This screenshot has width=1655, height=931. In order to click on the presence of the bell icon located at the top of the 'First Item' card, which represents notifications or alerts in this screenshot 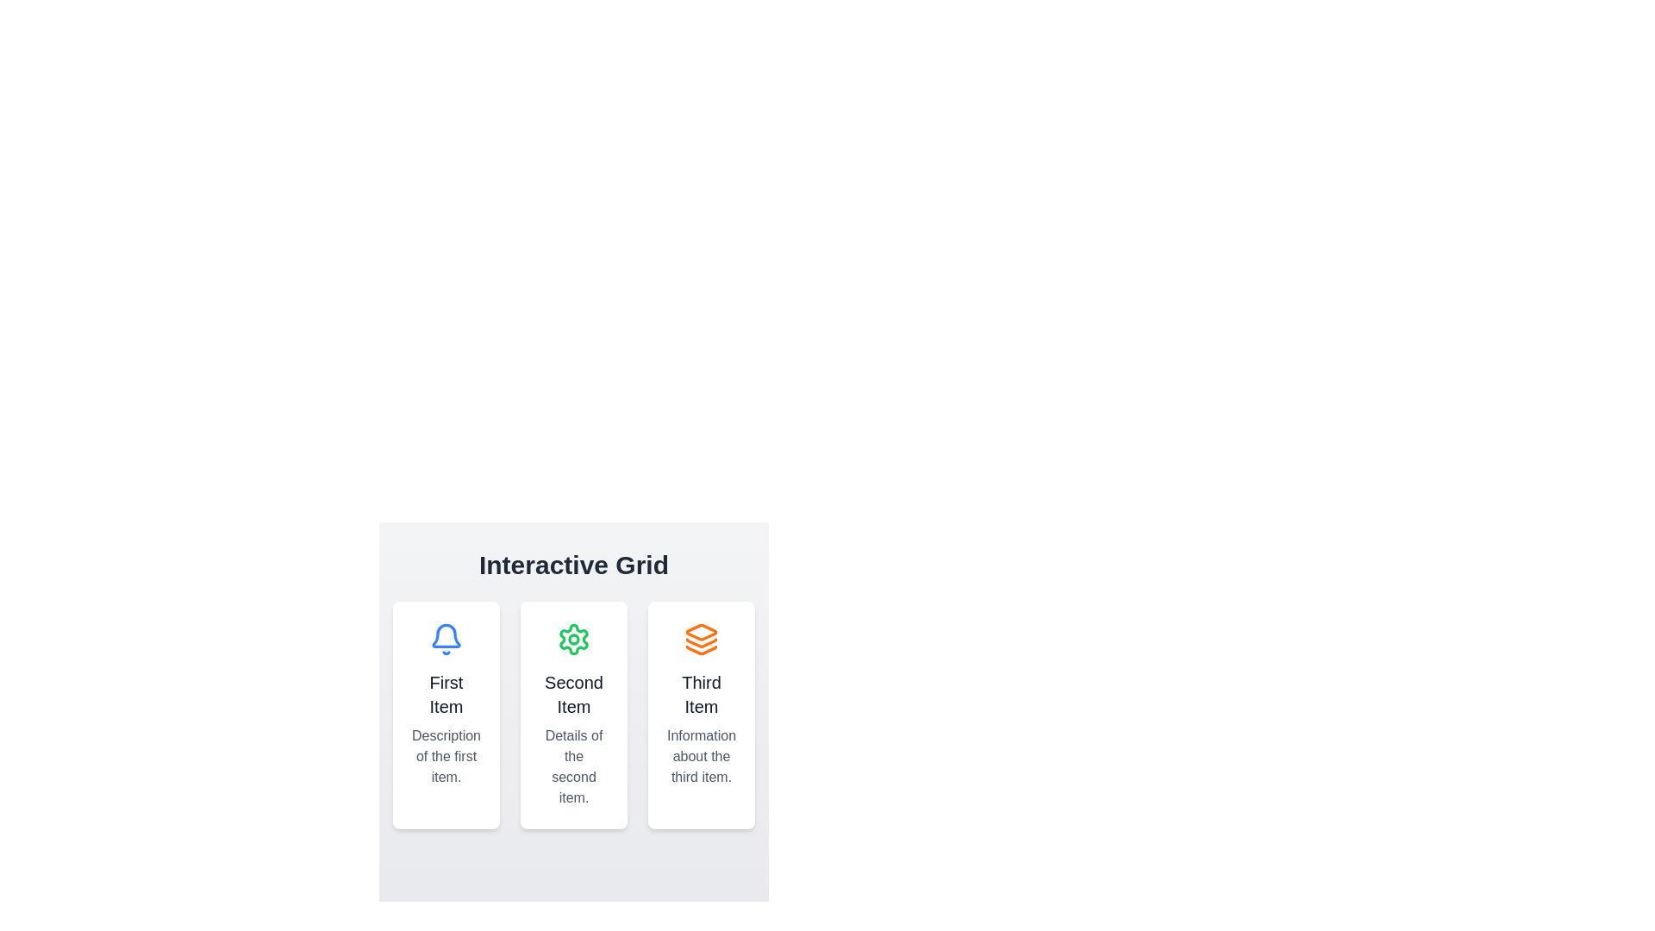, I will do `click(447, 639)`.